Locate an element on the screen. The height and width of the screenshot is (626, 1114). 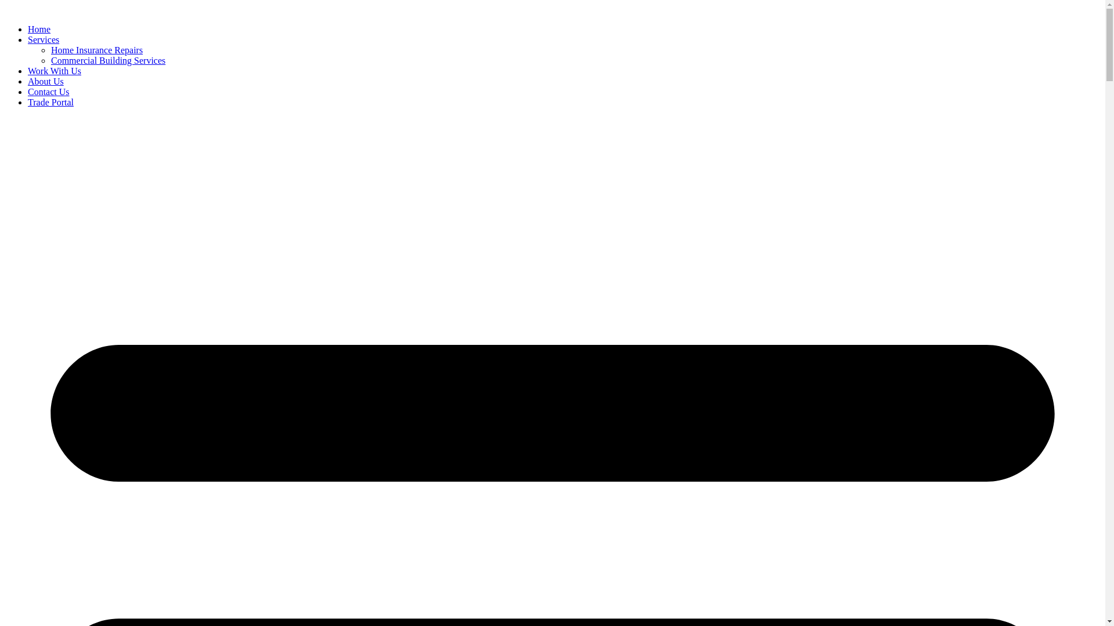
'Contact Us' is located at coordinates (48, 91).